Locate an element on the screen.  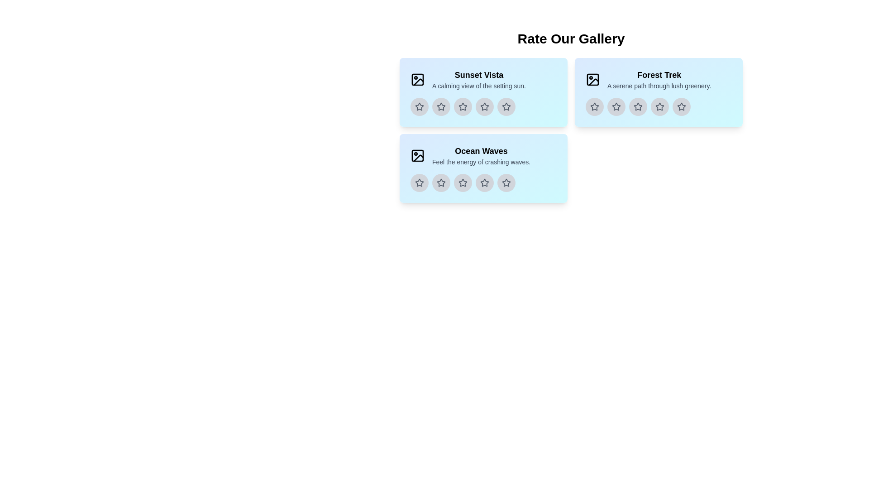
the fourth star-shaped icon in the rating row below the 'Ocean Waves' section is located at coordinates (463, 183).